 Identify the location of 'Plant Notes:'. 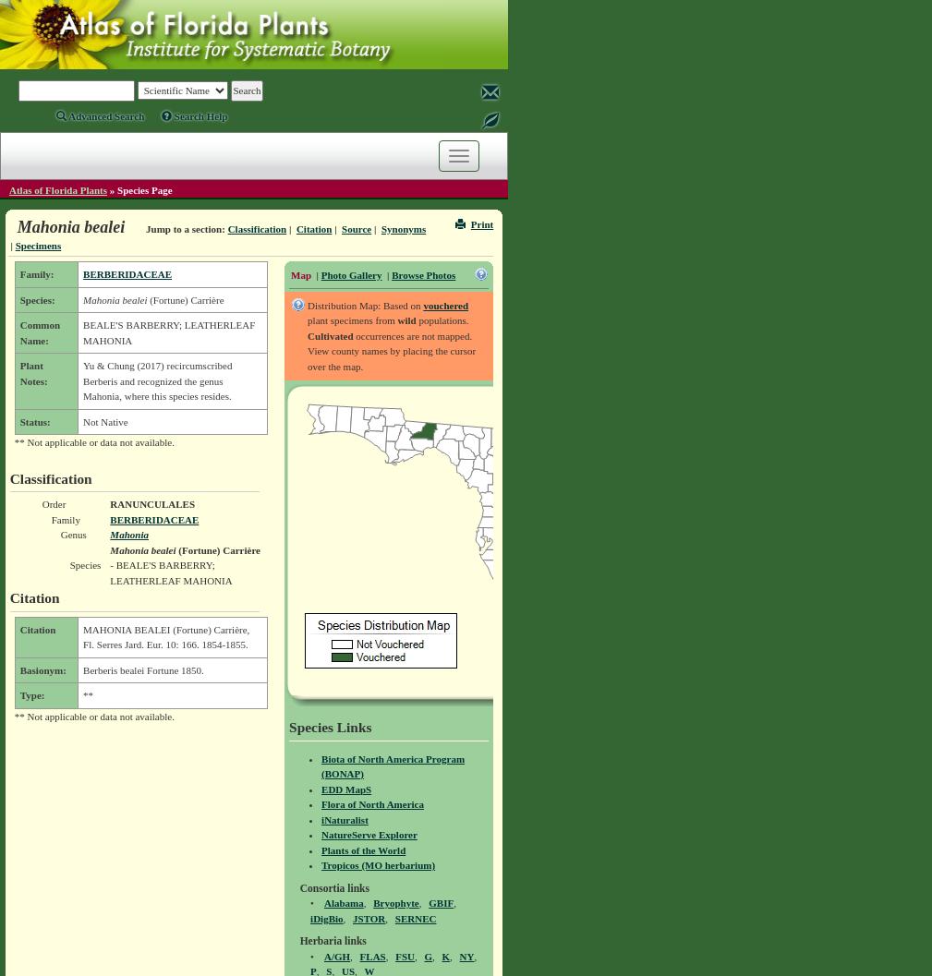
(18, 371).